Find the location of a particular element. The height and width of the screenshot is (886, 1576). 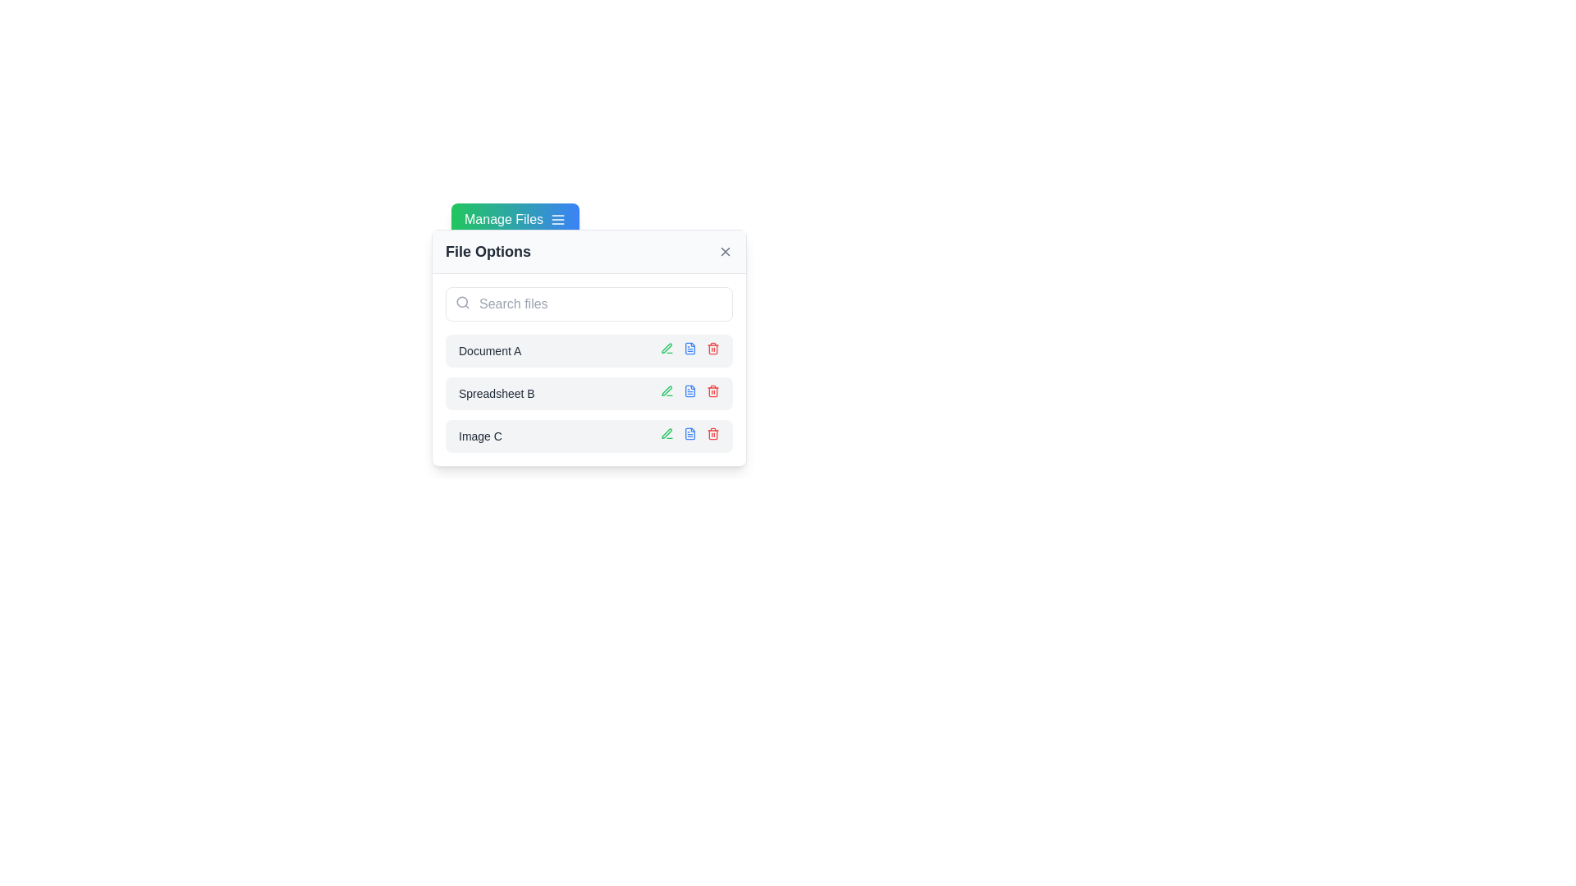

the document icon, which is the second icon in the horizontal grouping of icons on the right side of the 'Image C' row in the 'File Options' interface is located at coordinates (689, 432).